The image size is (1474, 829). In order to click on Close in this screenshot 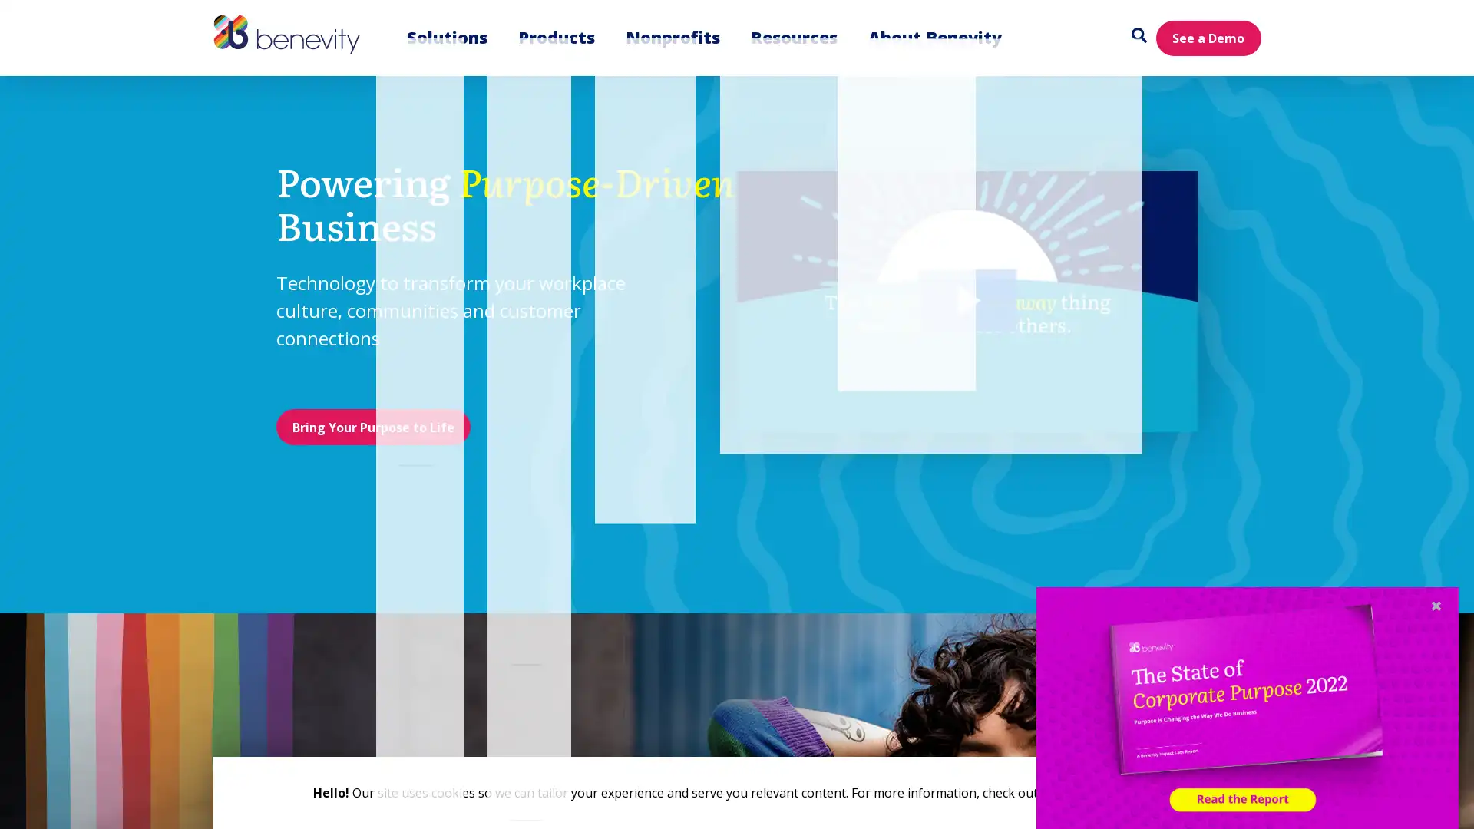, I will do `click(1447, 605)`.